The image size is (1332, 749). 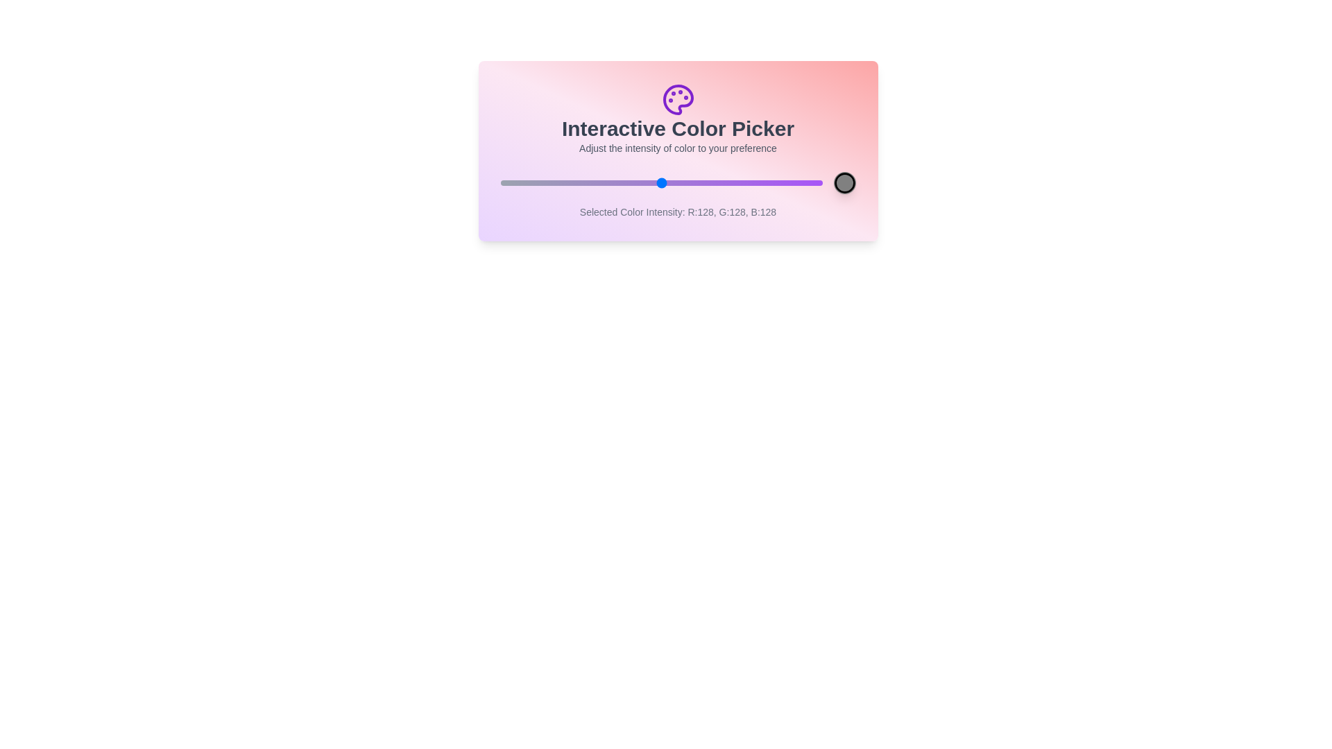 What do you see at coordinates (554, 182) in the screenshot?
I see `the slider to set the color intensity to 43` at bounding box center [554, 182].